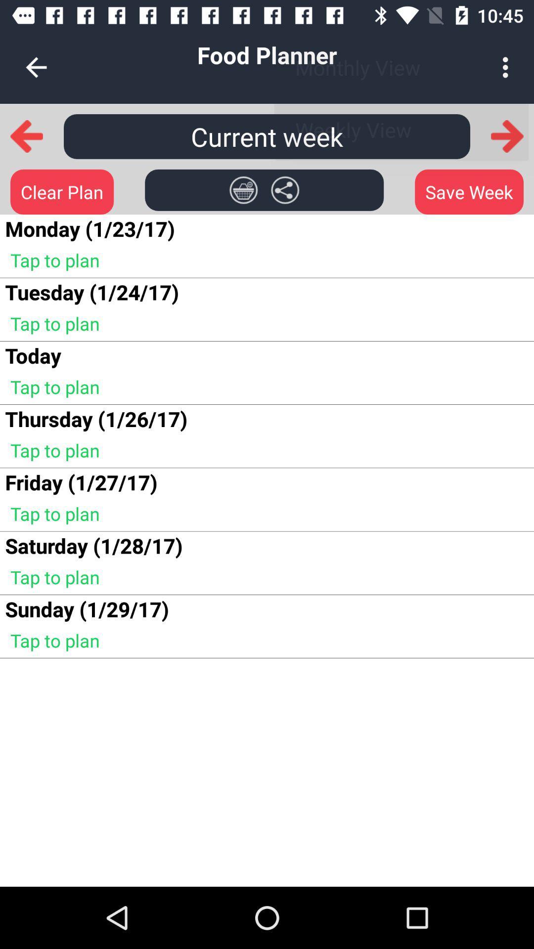  What do you see at coordinates (285, 190) in the screenshot?
I see `share schedule` at bounding box center [285, 190].